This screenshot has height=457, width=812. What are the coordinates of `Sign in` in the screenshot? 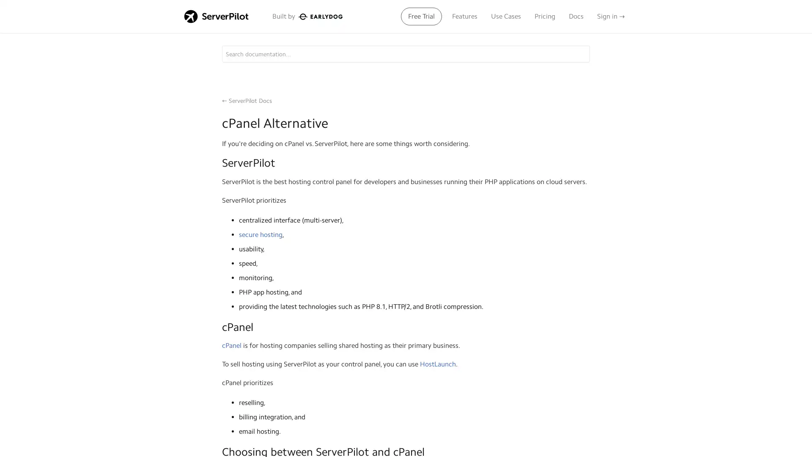 It's located at (611, 16).